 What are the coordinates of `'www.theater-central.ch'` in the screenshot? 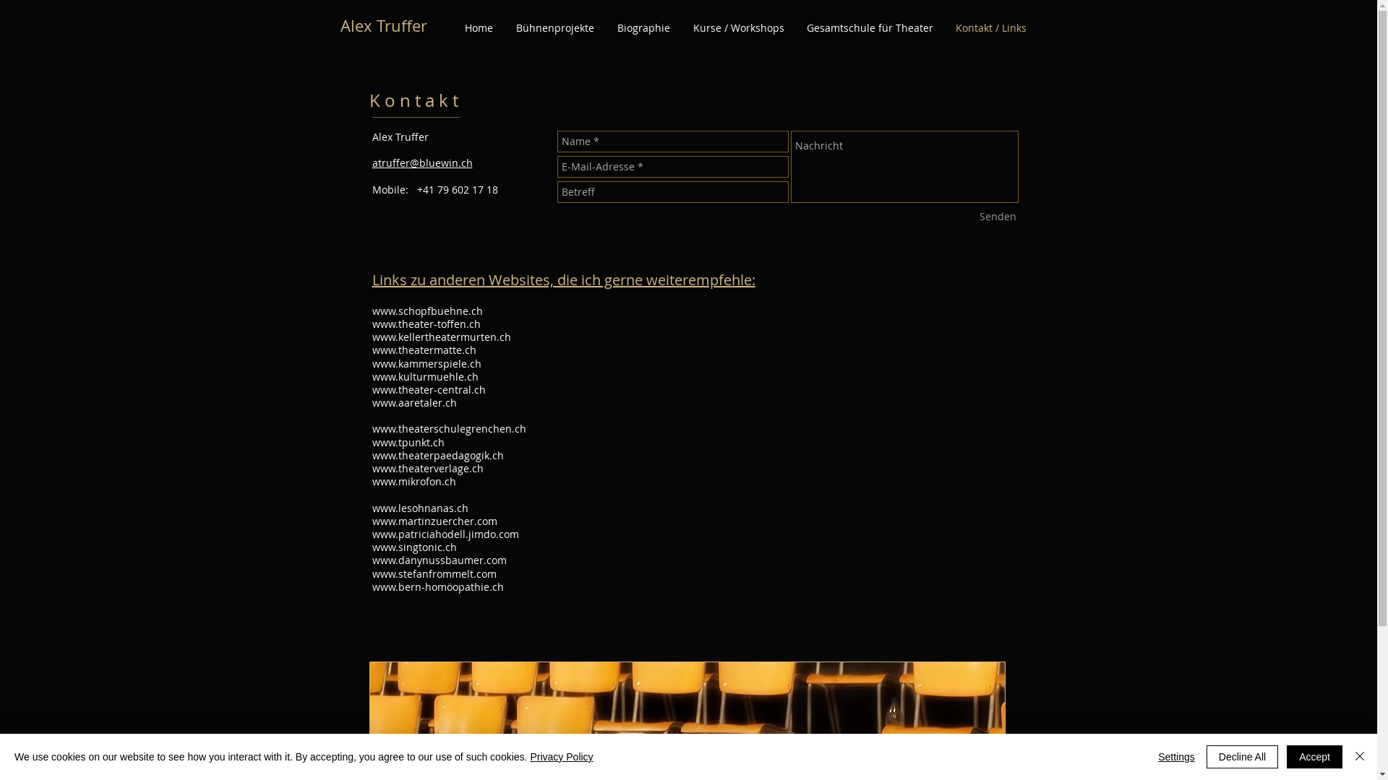 It's located at (427, 389).